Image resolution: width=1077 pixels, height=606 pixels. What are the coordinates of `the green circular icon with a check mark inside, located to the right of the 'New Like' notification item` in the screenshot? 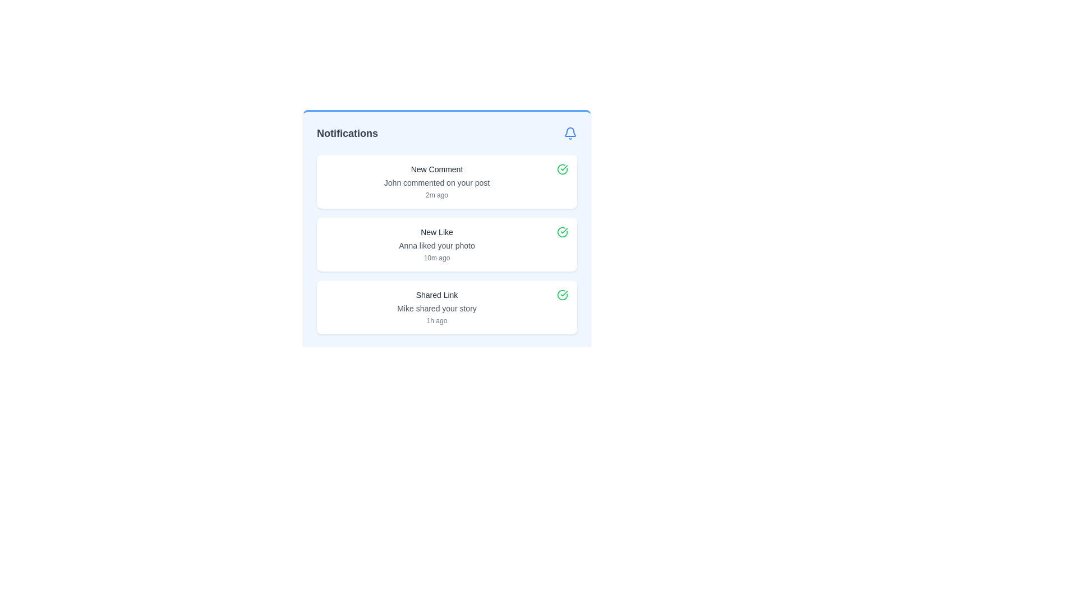 It's located at (563, 231).